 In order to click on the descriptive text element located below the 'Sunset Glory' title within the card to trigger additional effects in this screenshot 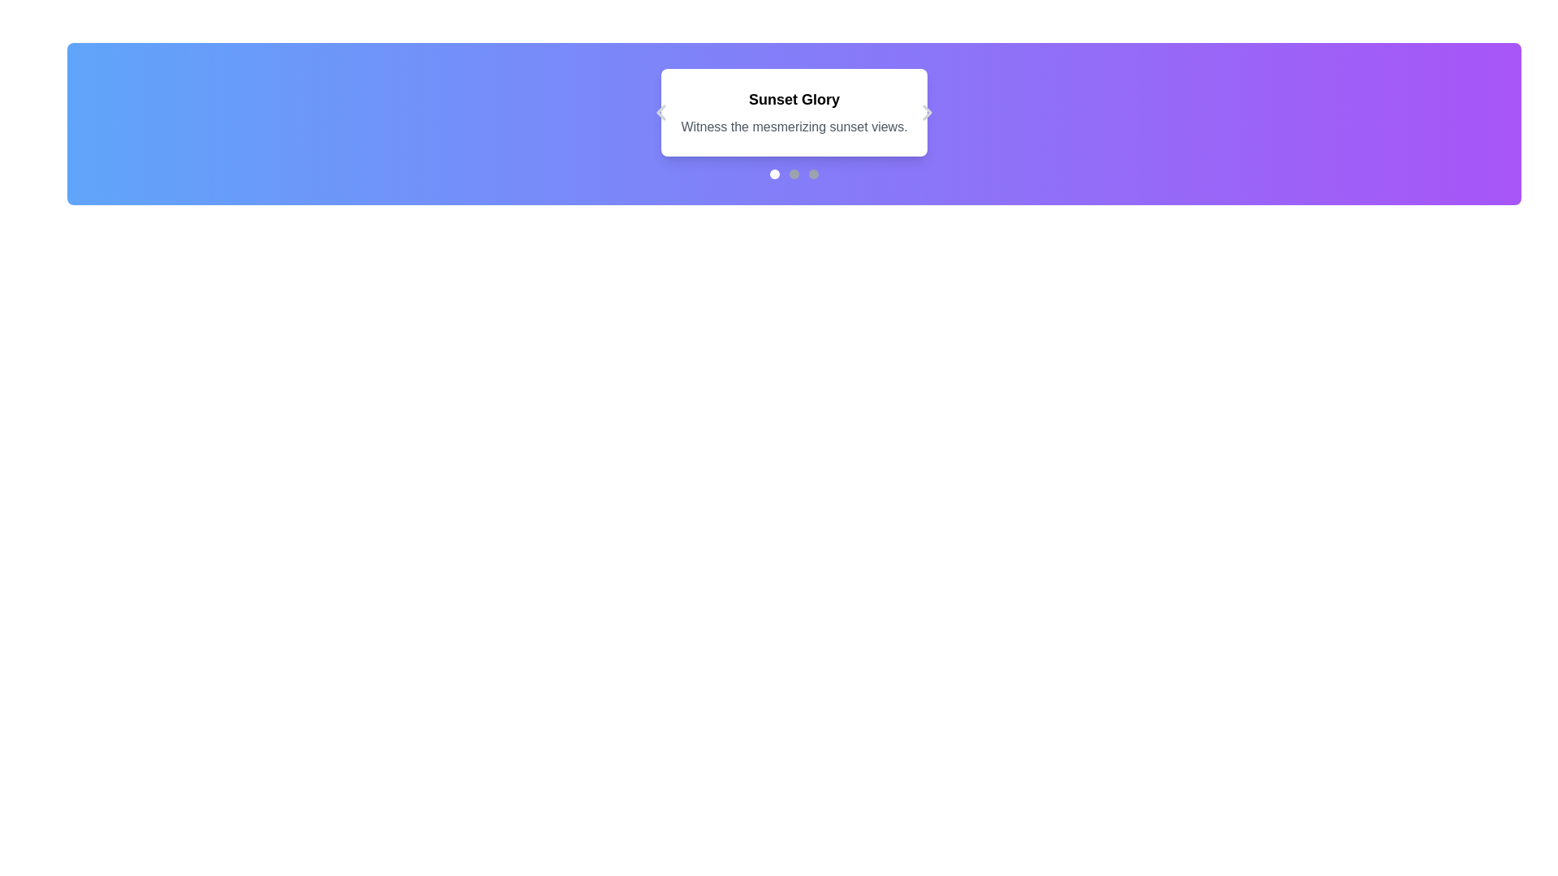, I will do `click(794, 127)`.